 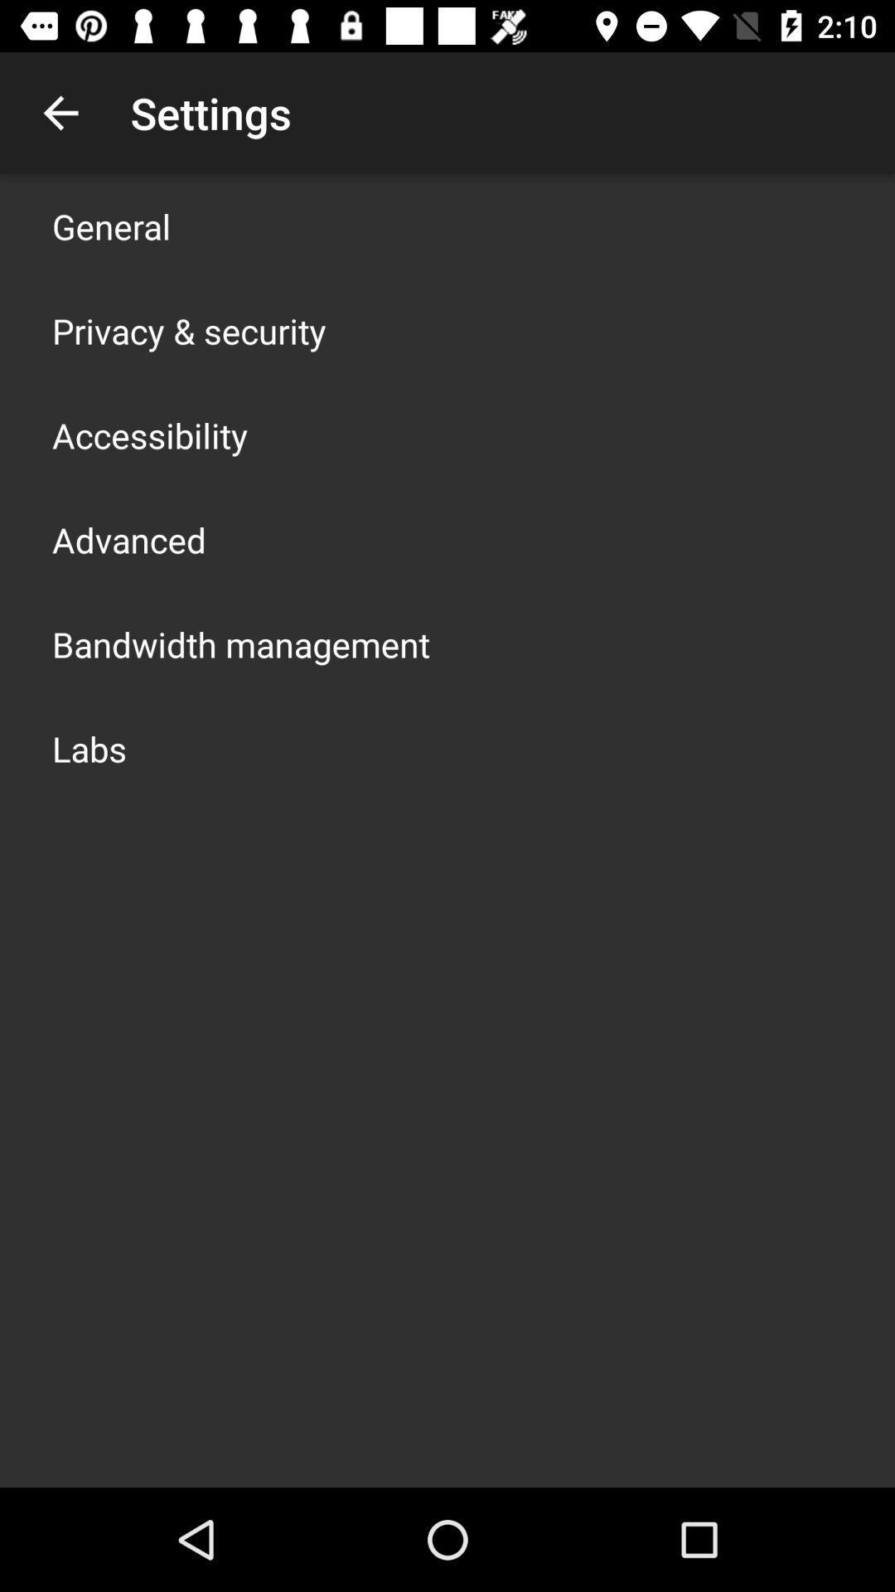 I want to click on general item, so click(x=111, y=226).